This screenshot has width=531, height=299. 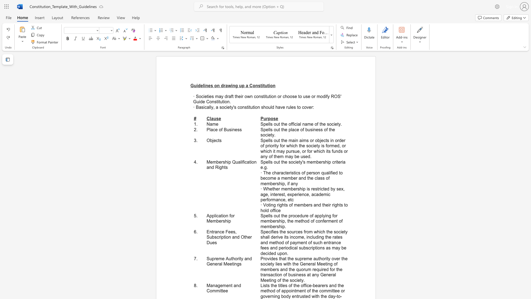 What do you see at coordinates (280, 96) in the screenshot?
I see `the subset text "r choose to use or modify ROS" within the text "· Societies may draft their own constitution or choose to use or modify ROS"` at bounding box center [280, 96].